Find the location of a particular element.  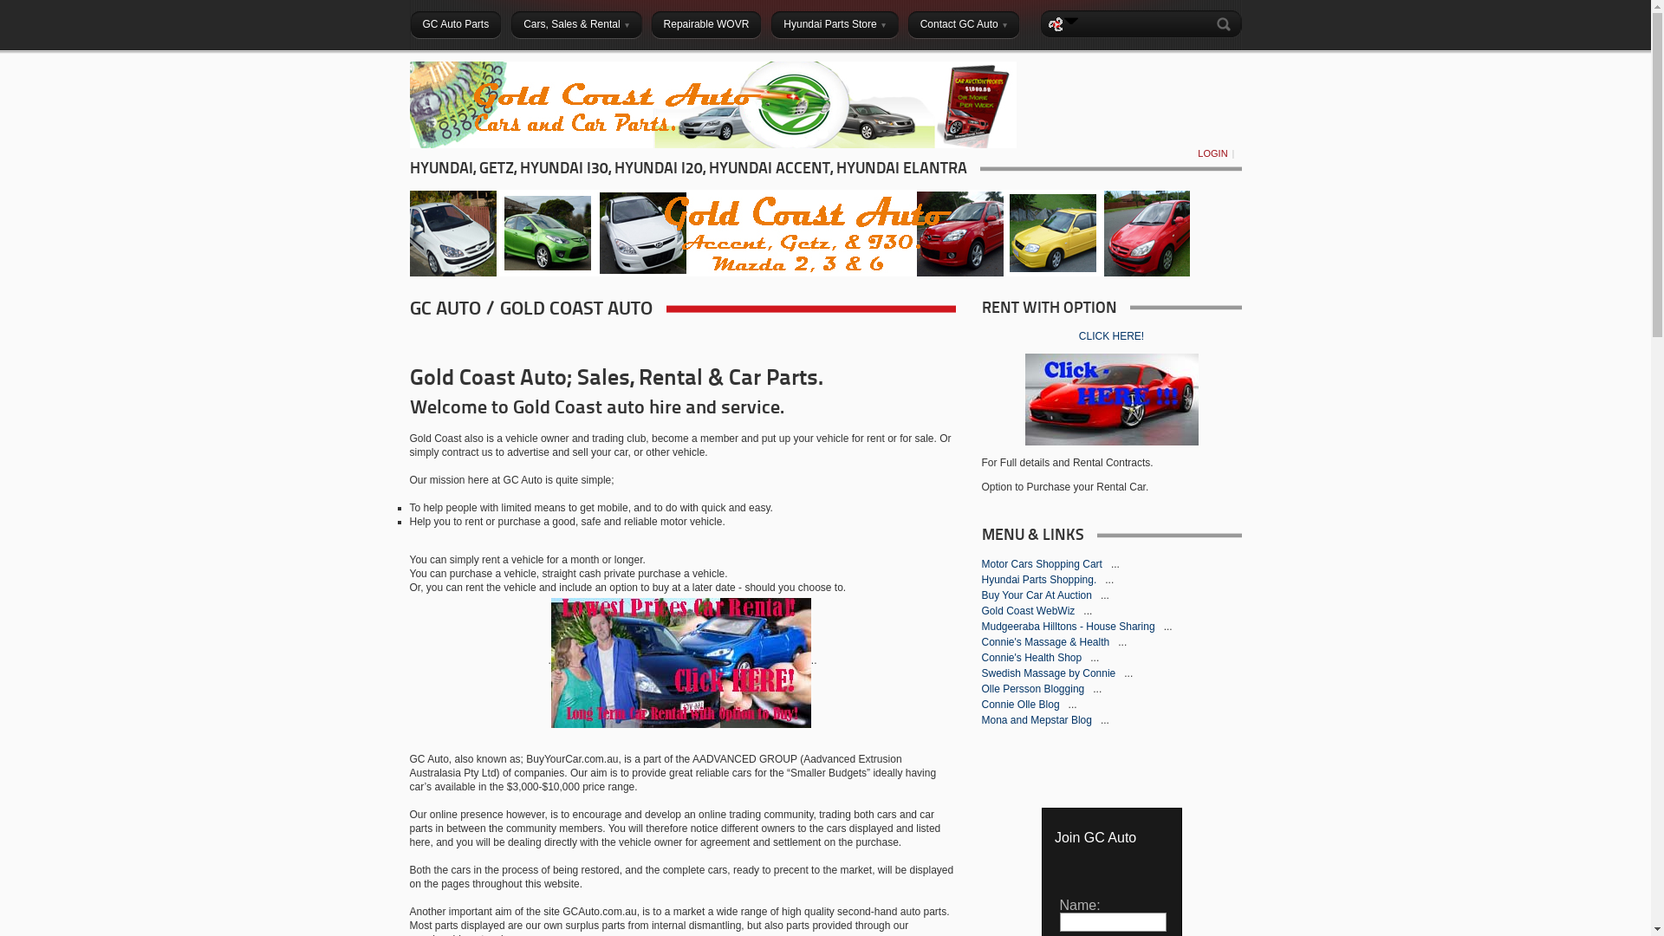

'Buy Your Car At Auction' is located at coordinates (1037, 594).